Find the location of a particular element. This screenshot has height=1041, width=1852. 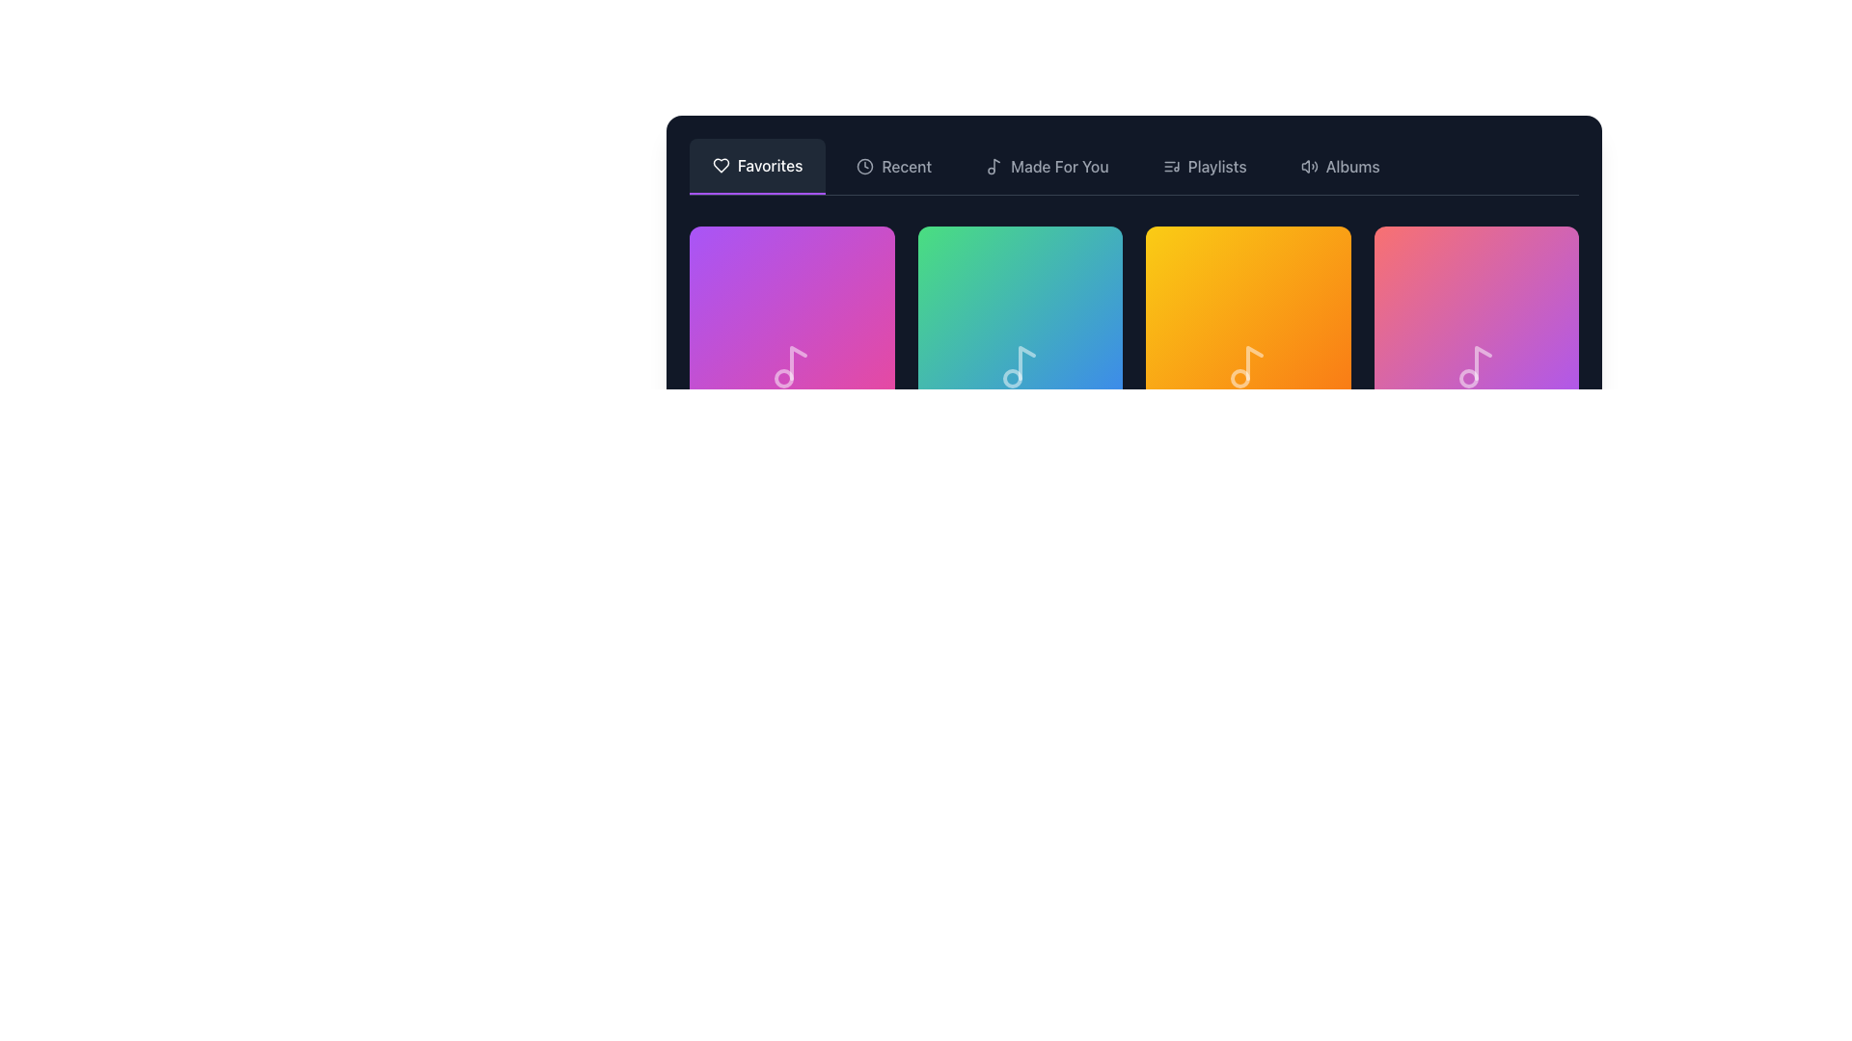

the 'Favorites' button located at the top of the interface is located at coordinates (756, 166).